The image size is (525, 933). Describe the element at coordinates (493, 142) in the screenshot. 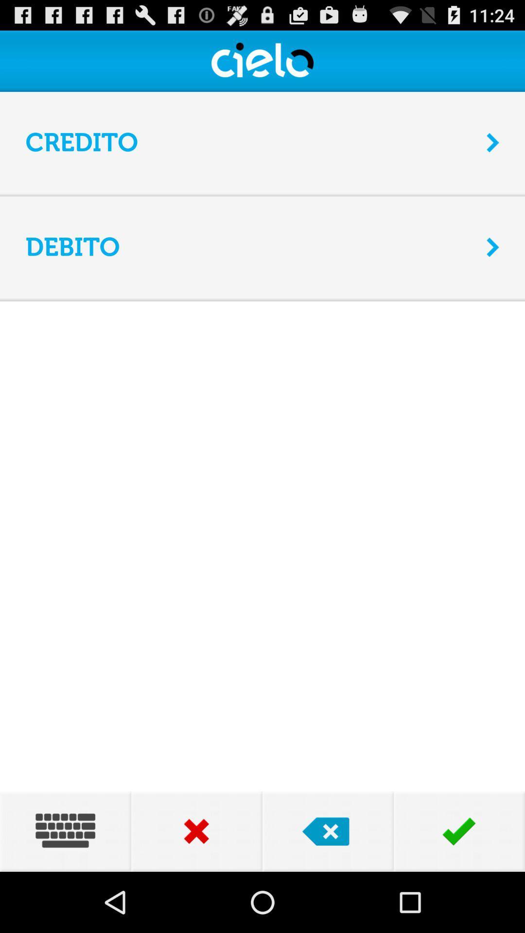

I see `the icon to the right of credito icon` at that location.